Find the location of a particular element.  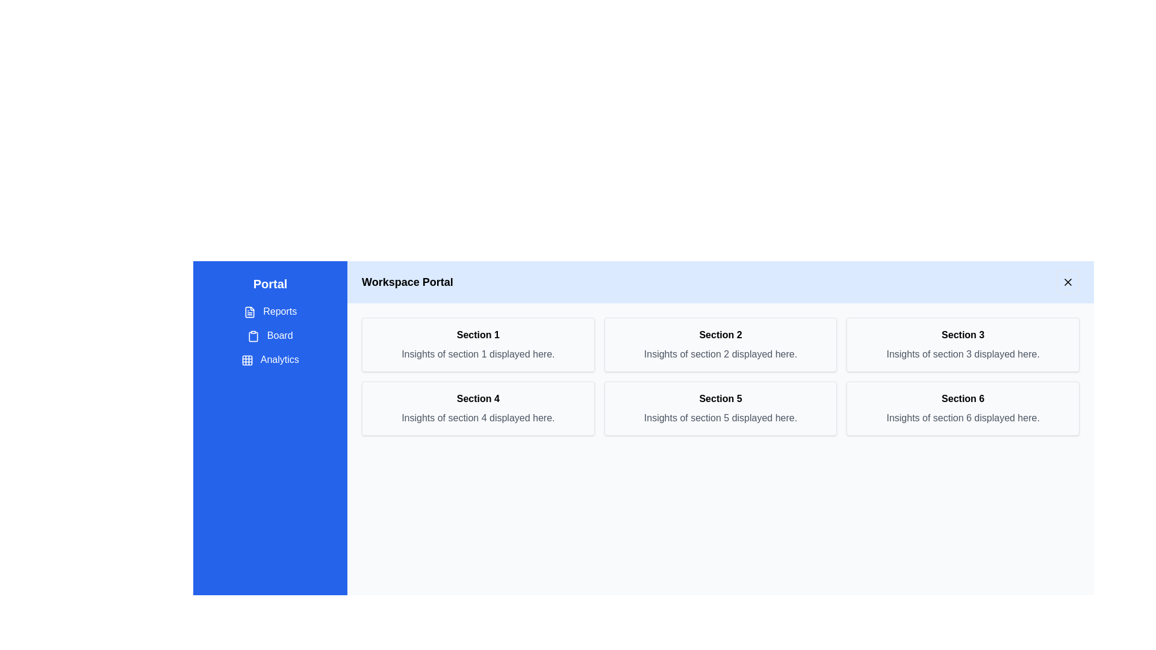

the blue 'Board' navigation button located in the vertical menu on the left sidebar, positioned between the 'Reports' and 'Analytics' buttons is located at coordinates (270, 336).